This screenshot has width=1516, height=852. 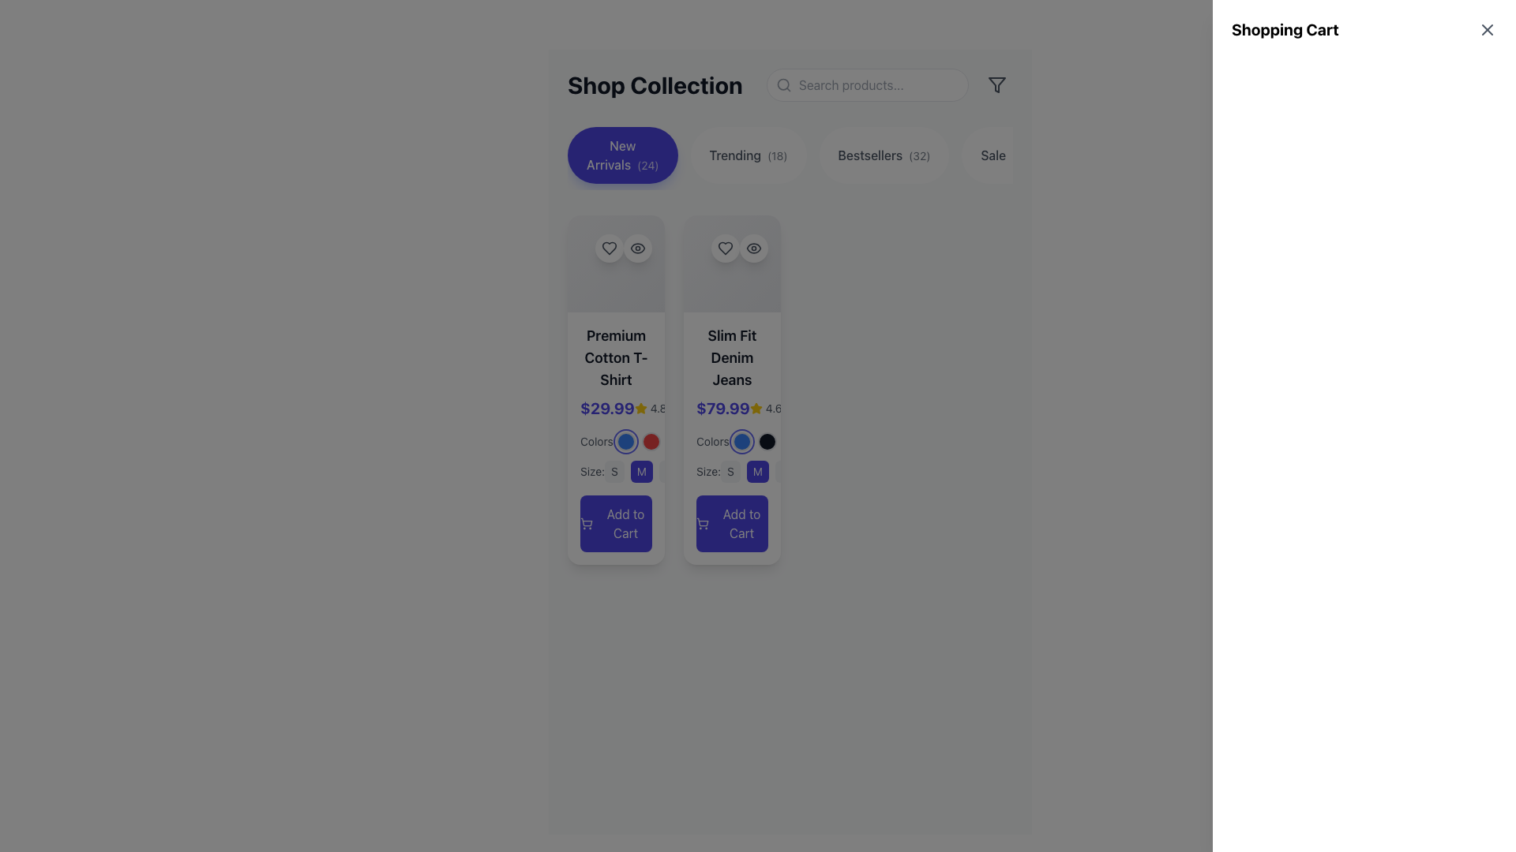 I want to click on the 'Add to Cart' button, which is a rectangular button with white text on a blue background, located below the 'Size' section in the 'Premium Cotton T-Shirt' card, so click(x=615, y=523).